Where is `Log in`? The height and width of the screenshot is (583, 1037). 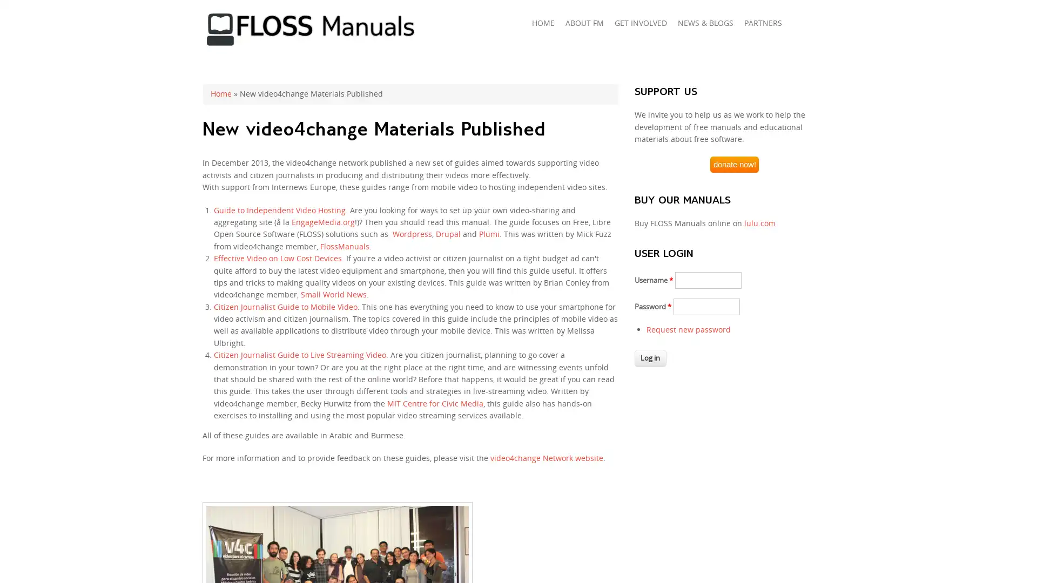
Log in is located at coordinates (650, 358).